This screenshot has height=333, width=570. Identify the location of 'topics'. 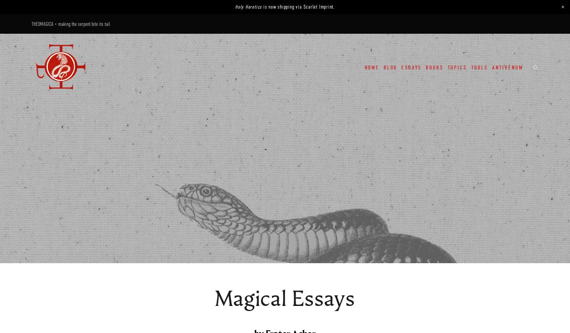
(456, 67).